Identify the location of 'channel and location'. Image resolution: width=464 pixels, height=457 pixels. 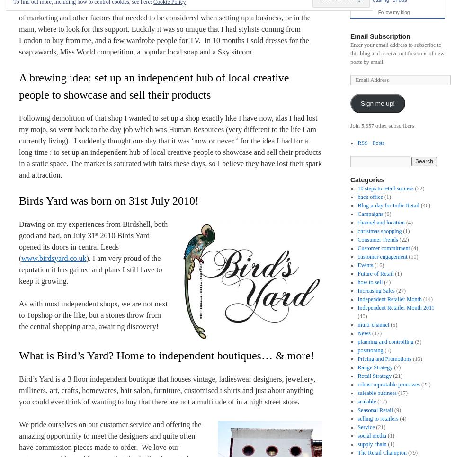
(381, 222).